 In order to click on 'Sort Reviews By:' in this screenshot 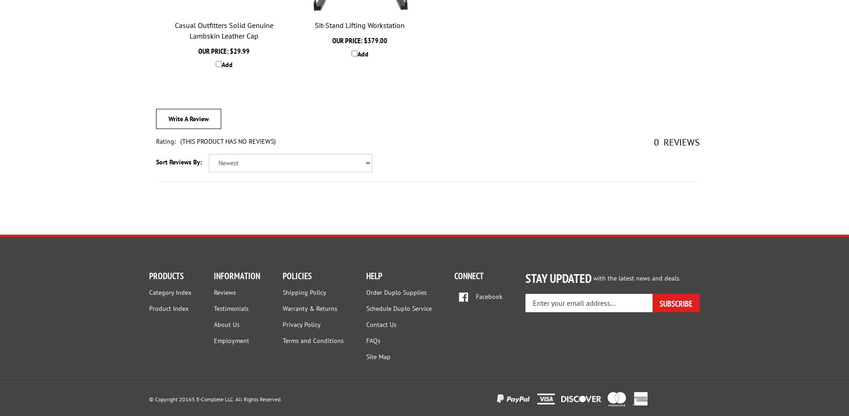, I will do `click(178, 162)`.